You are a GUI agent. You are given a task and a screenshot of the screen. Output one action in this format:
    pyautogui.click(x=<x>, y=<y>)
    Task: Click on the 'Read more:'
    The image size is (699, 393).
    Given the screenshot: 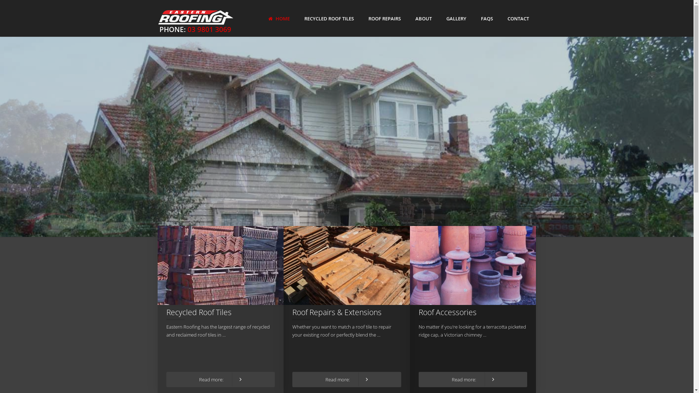 What is the action you would take?
    pyautogui.click(x=473, y=379)
    